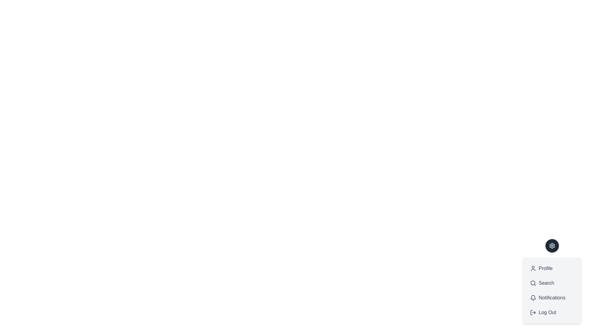 The image size is (589, 331). What do you see at coordinates (552, 281) in the screenshot?
I see `the search button located in the vertical menu, which is the second item below the 'Profile' button and above the 'Notifications' button, to observe a background color change` at bounding box center [552, 281].